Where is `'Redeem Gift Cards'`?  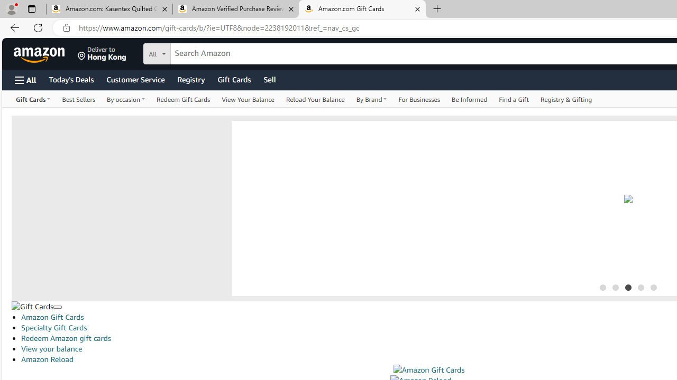 'Redeem Gift Cards' is located at coordinates (184, 99).